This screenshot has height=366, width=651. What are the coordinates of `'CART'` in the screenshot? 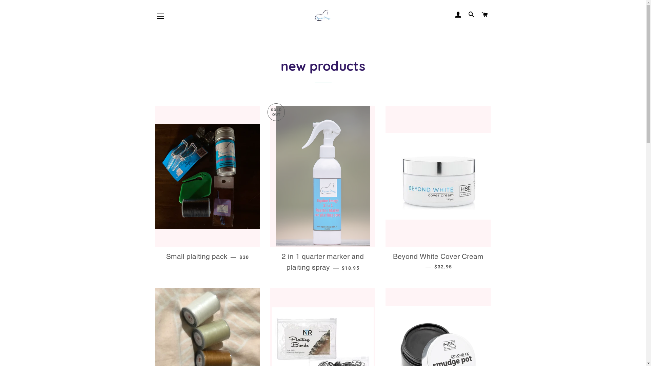 It's located at (485, 15).